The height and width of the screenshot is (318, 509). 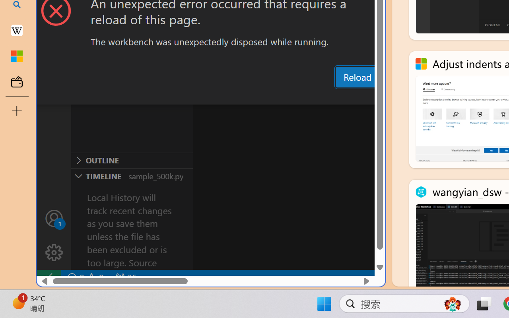 What do you see at coordinates (53, 218) in the screenshot?
I see `'Accounts - Sign in requested'` at bounding box center [53, 218].